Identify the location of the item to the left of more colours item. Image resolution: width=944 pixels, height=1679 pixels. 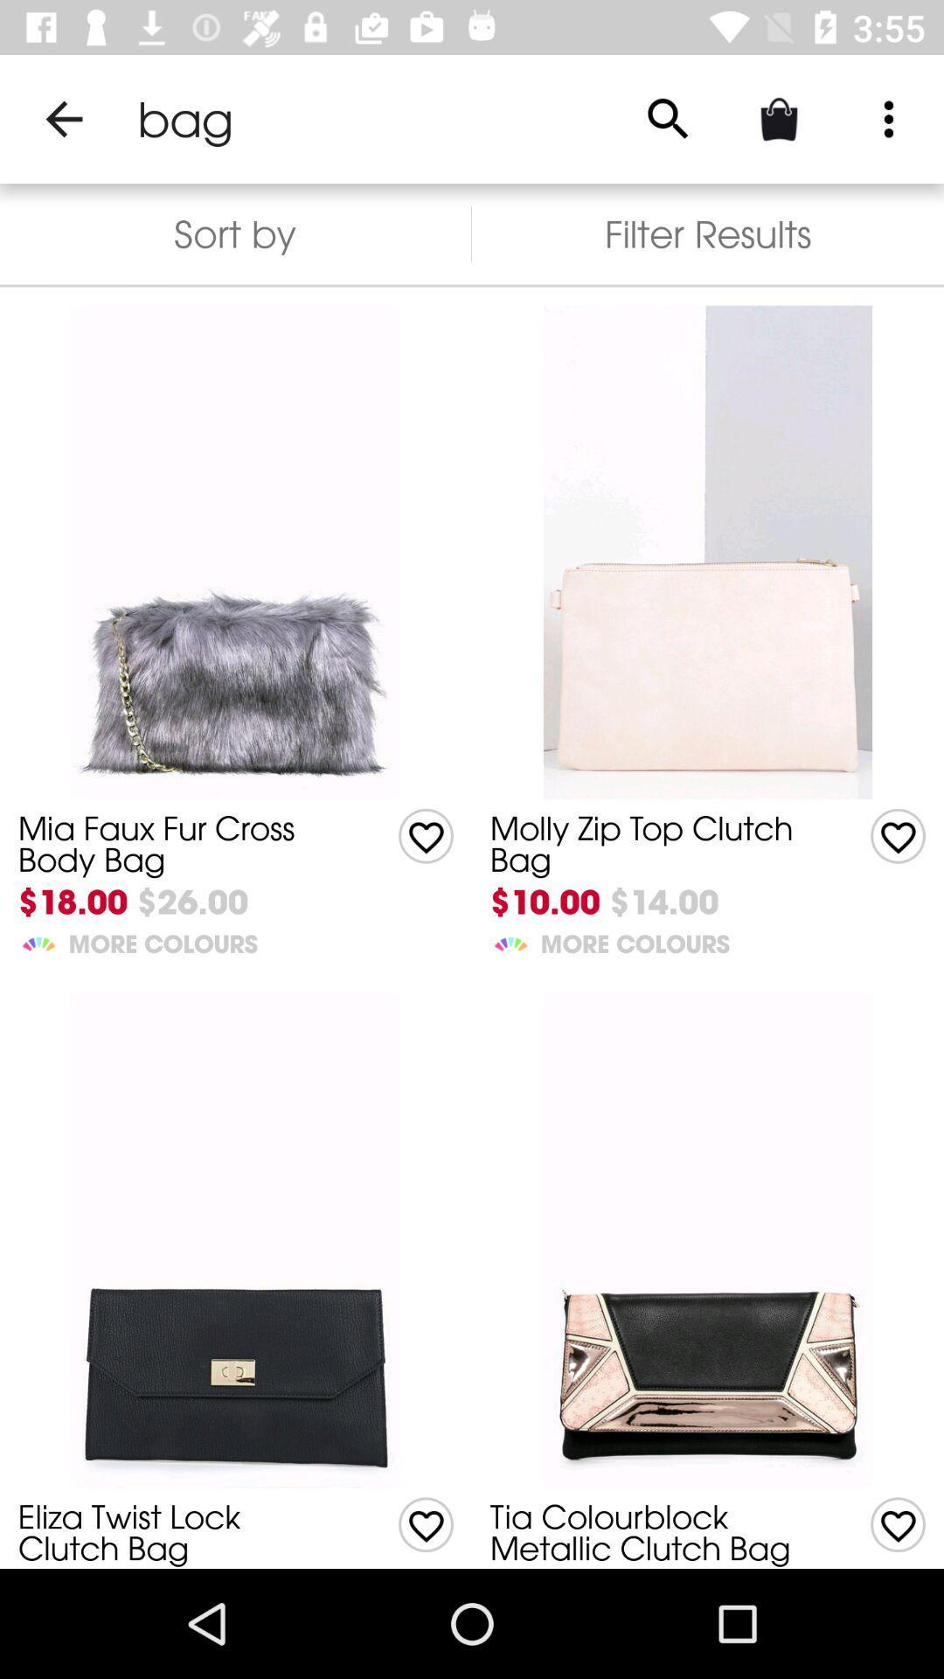
(510, 939).